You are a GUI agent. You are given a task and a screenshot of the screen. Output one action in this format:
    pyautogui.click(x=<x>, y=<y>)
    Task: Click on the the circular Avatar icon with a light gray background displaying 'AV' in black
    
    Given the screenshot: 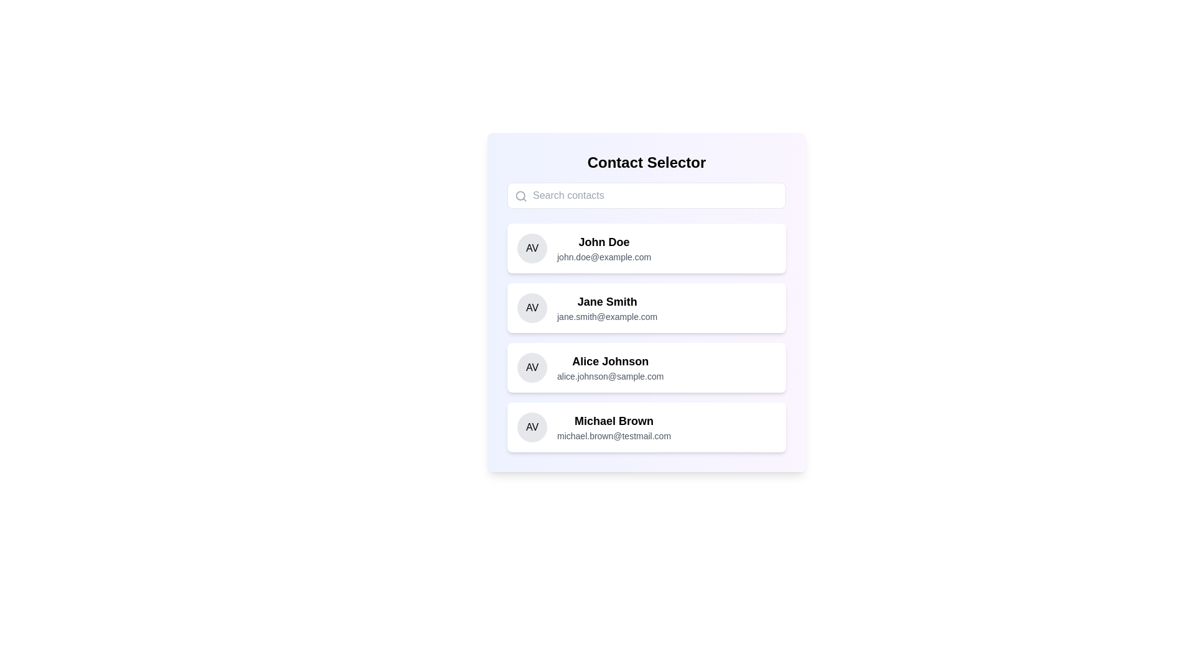 What is the action you would take?
    pyautogui.click(x=532, y=249)
    